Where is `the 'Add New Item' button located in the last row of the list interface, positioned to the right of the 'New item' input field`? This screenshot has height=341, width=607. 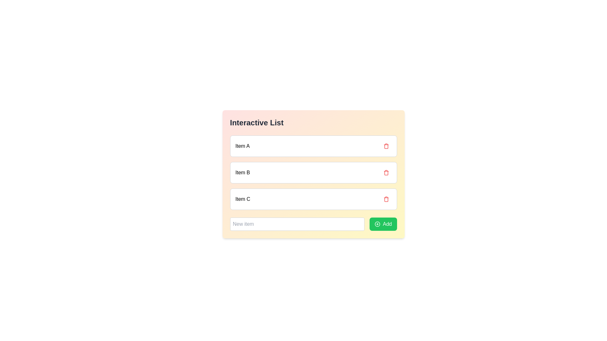 the 'Add New Item' button located in the last row of the list interface, positioned to the right of the 'New item' input field is located at coordinates (383, 224).